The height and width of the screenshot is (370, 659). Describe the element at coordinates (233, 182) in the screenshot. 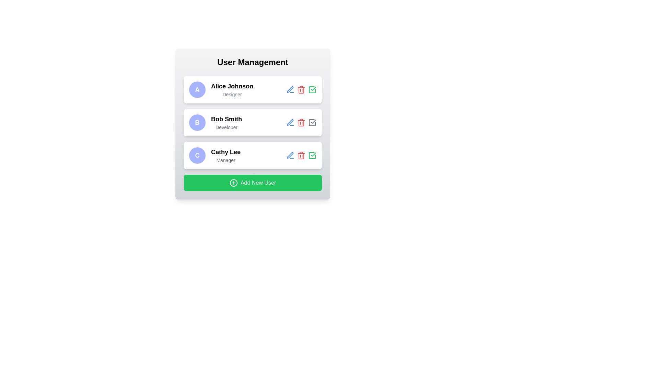

I see `the icon within the 'Add New User' button, which is located at the bottom center of the user interface, to signify the function of adding a new user` at that location.